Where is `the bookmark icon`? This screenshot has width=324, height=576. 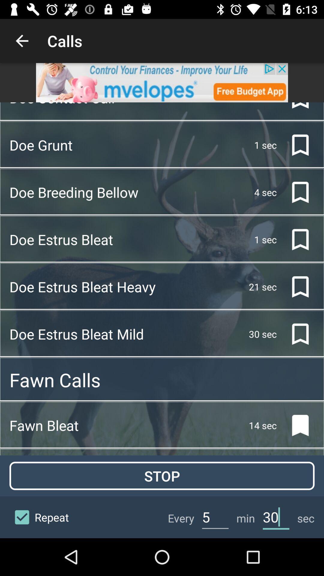
the bookmark icon is located at coordinates (295, 334).